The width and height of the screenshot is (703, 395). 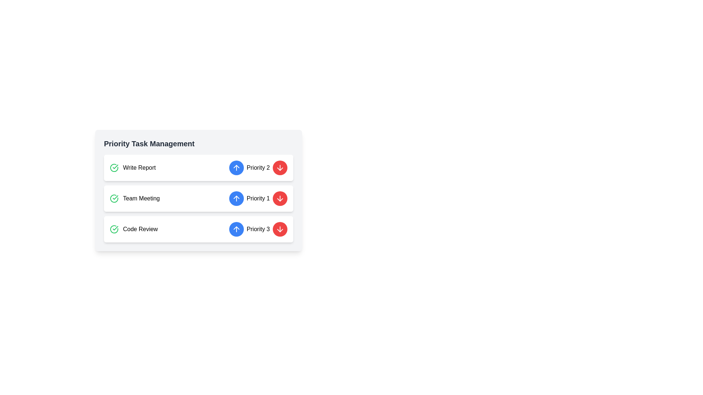 I want to click on the 'Write Report' label with a green circle check icon, which is the first item in the list of task entries in the 'Priority Task Management' card, so click(x=133, y=168).